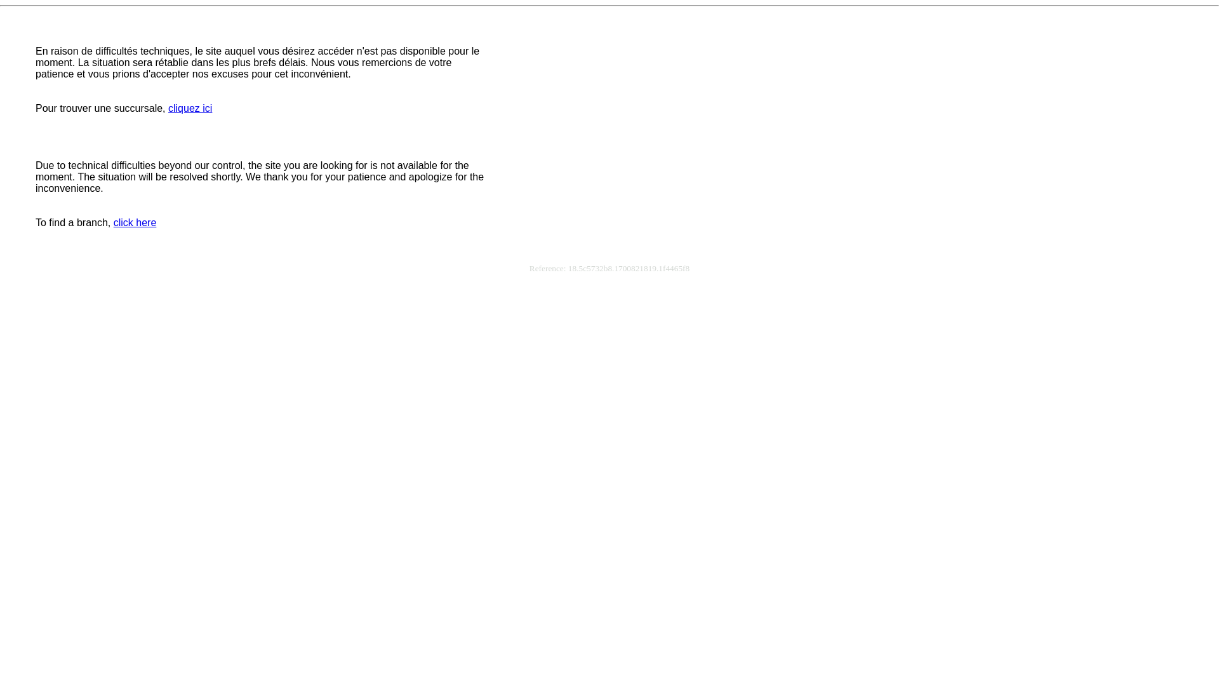 This screenshot has height=686, width=1219. Describe the element at coordinates (167, 107) in the screenshot. I see `'cliquez ici'` at that location.